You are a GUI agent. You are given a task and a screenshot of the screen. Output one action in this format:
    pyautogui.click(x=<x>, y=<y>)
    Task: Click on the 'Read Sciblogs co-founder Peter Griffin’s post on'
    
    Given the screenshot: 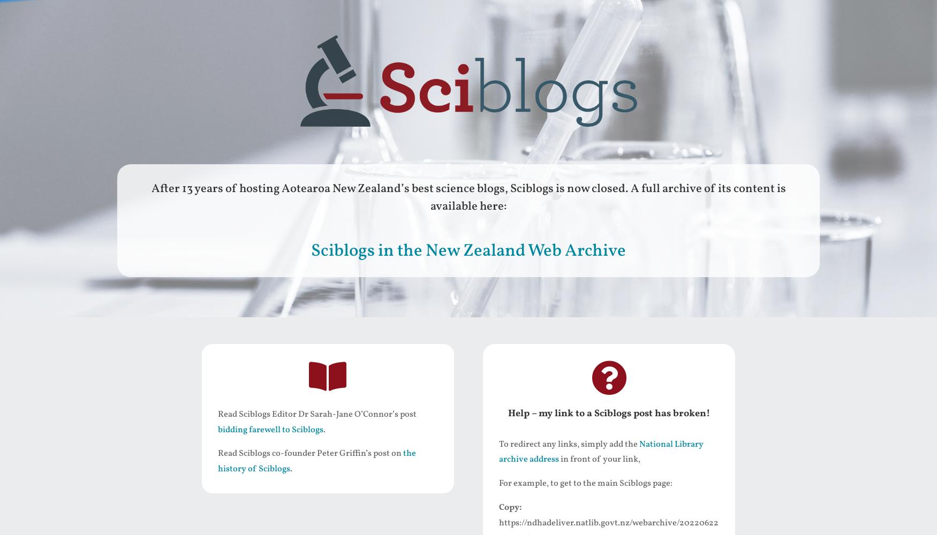 What is the action you would take?
    pyautogui.click(x=217, y=453)
    